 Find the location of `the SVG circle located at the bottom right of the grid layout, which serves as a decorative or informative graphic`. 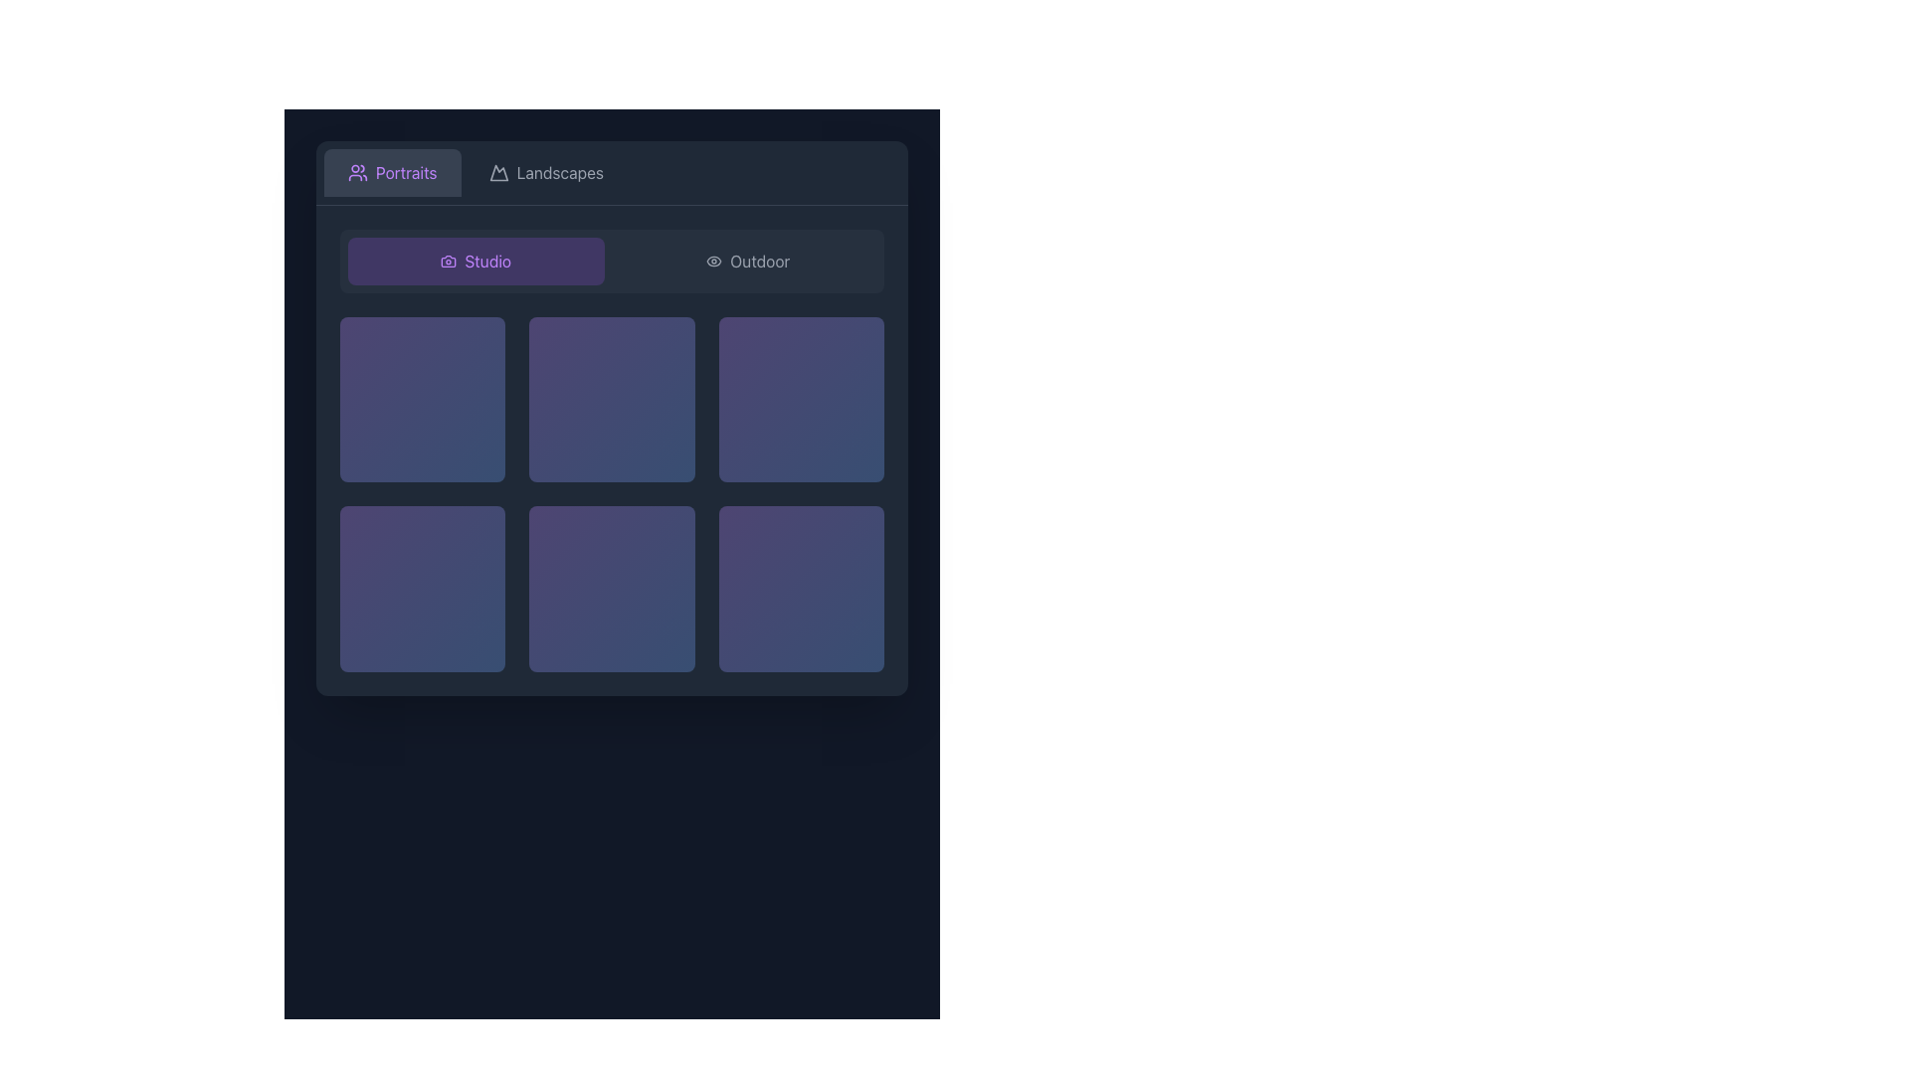

the SVG circle located at the bottom right of the grid layout, which serves as a decorative or informative graphic is located at coordinates (668, 645).